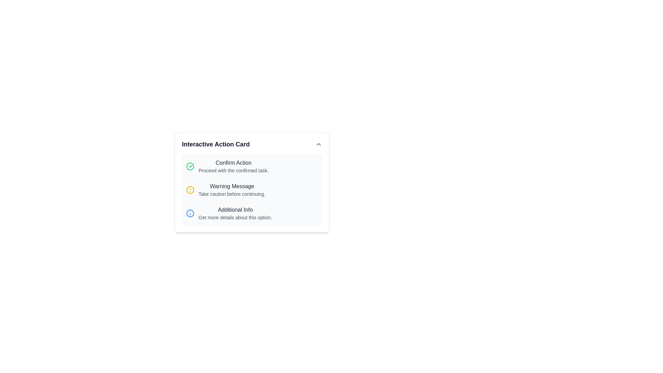 Image resolution: width=663 pixels, height=373 pixels. I want to click on the text label styled in gray with the text 'Get more details about this option.' located below the 'Additional Info' header in the 'Interactive Action Card', so click(235, 217).